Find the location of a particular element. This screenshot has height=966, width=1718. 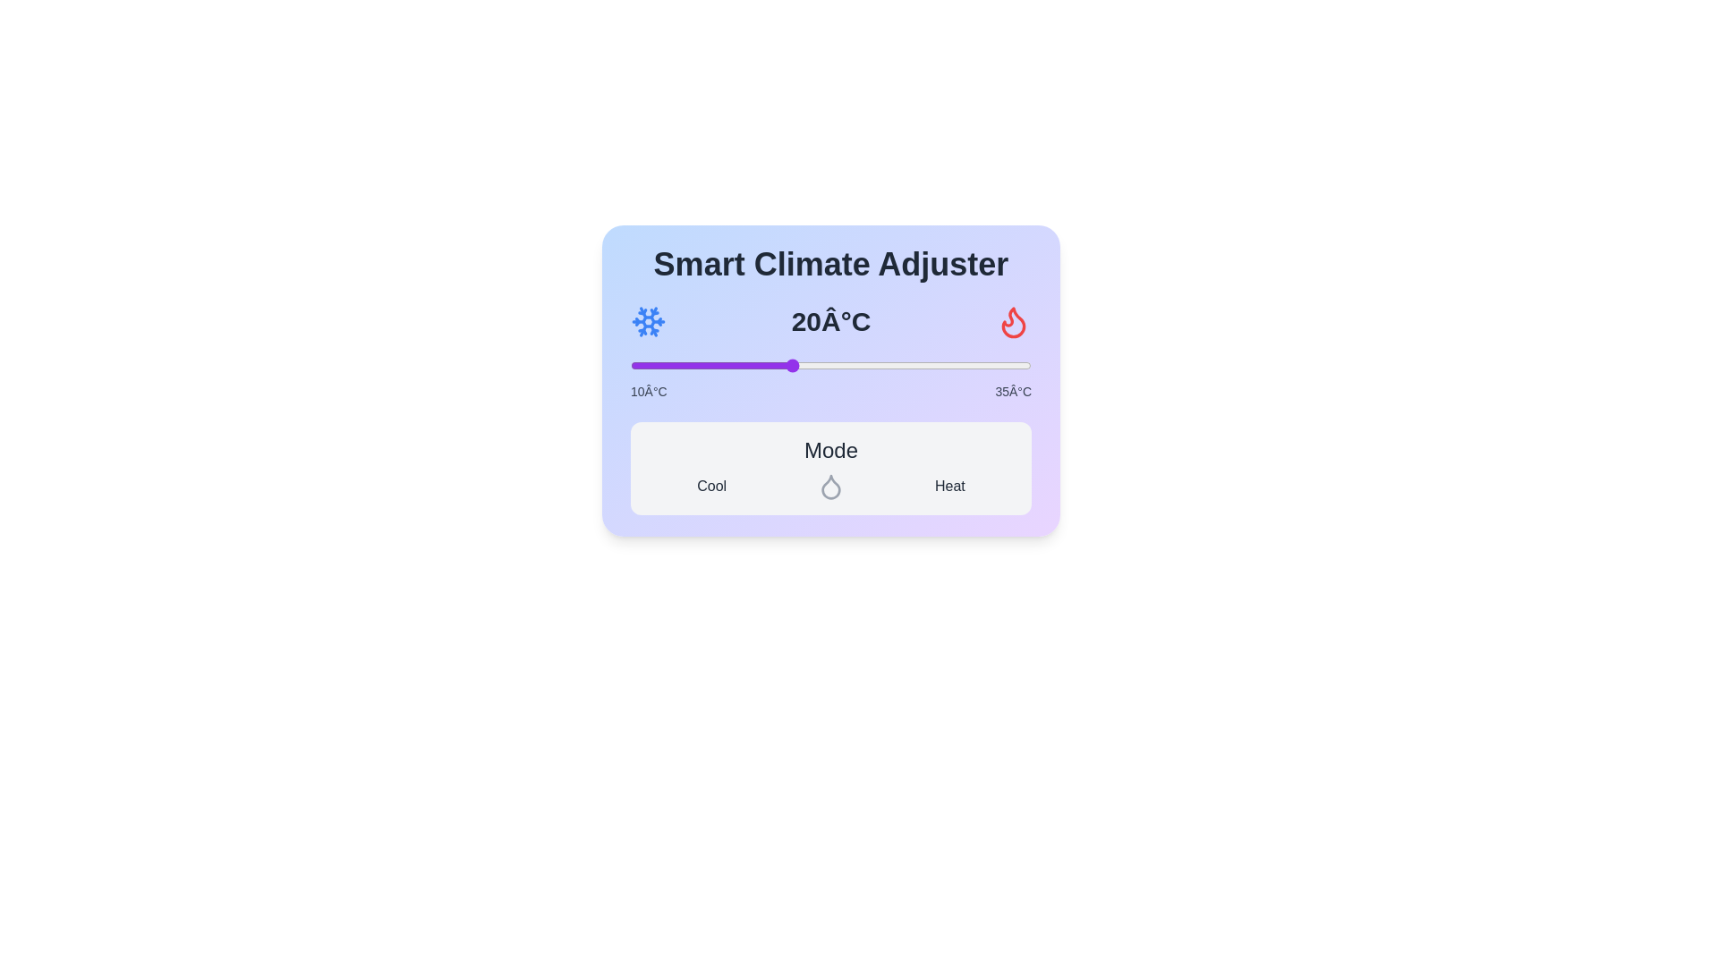

the temperature to 31°C using the slider is located at coordinates (966, 364).